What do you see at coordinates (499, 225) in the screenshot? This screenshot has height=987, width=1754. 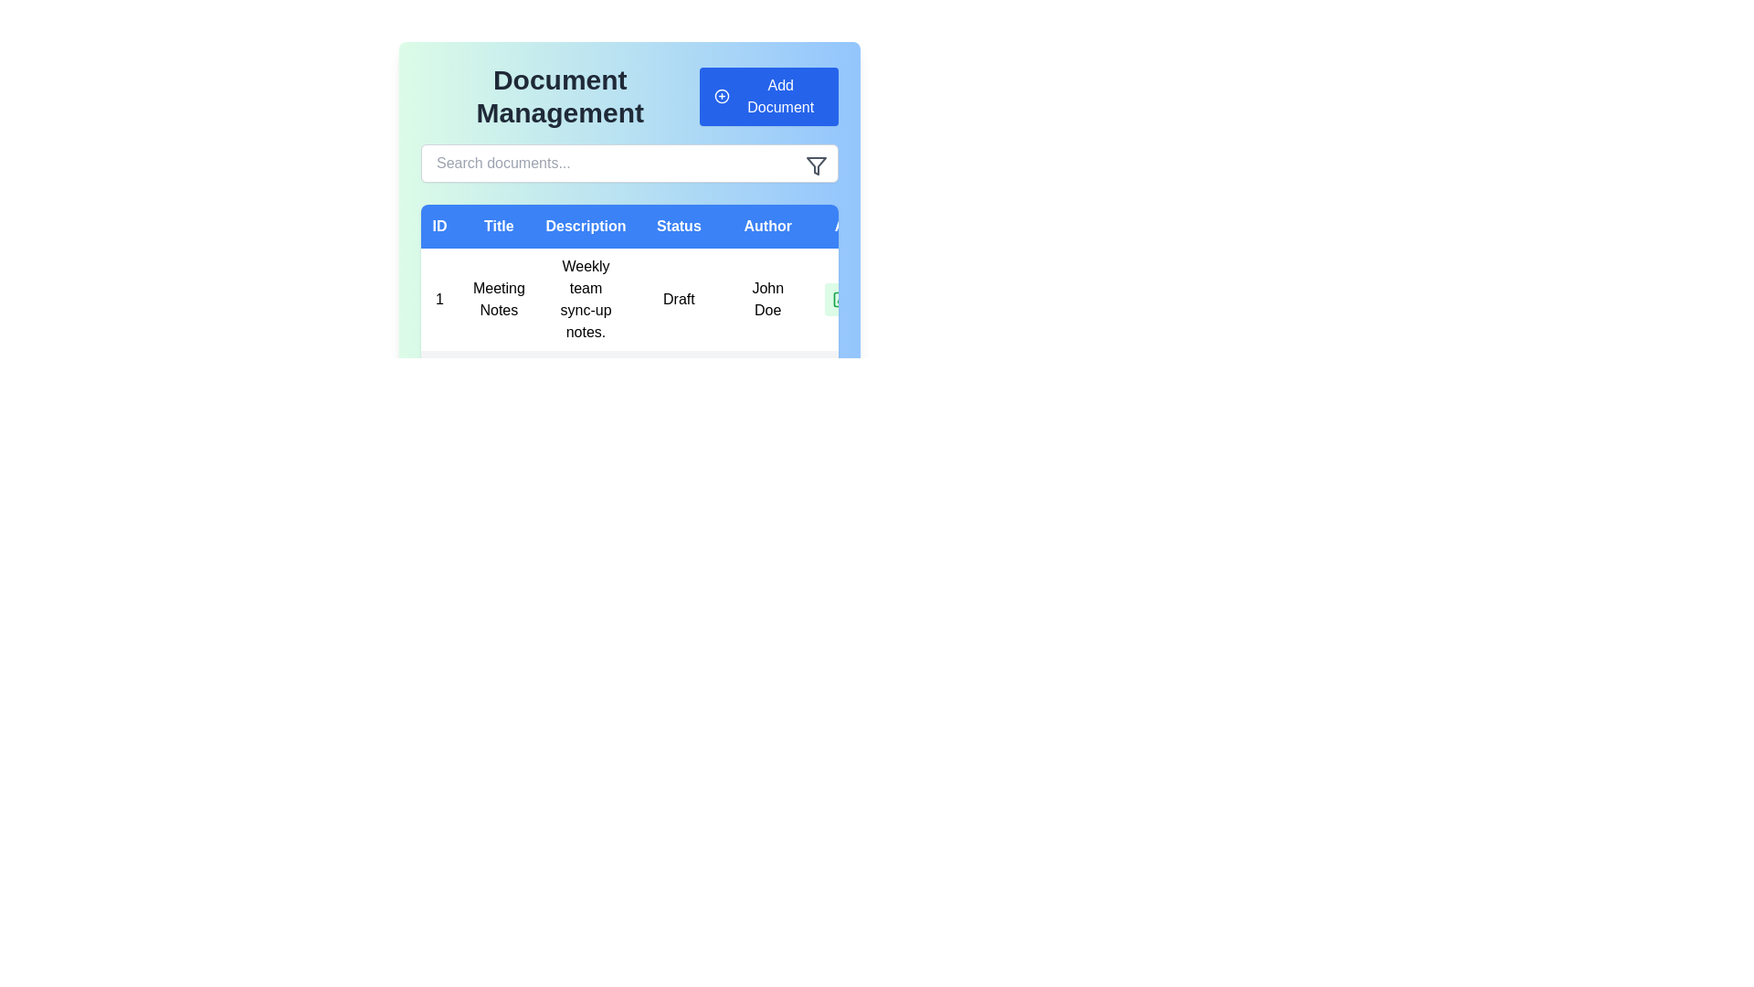 I see `the second column header of the table, which represents the titles of records, positioned between the 'ID' and 'Description' headers` at bounding box center [499, 225].